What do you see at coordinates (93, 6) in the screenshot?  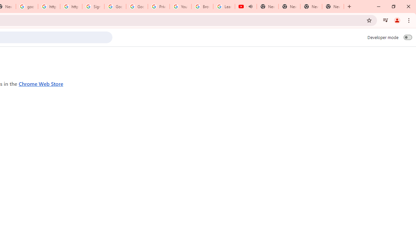 I see `'Sign in - Google Accounts'` at bounding box center [93, 6].